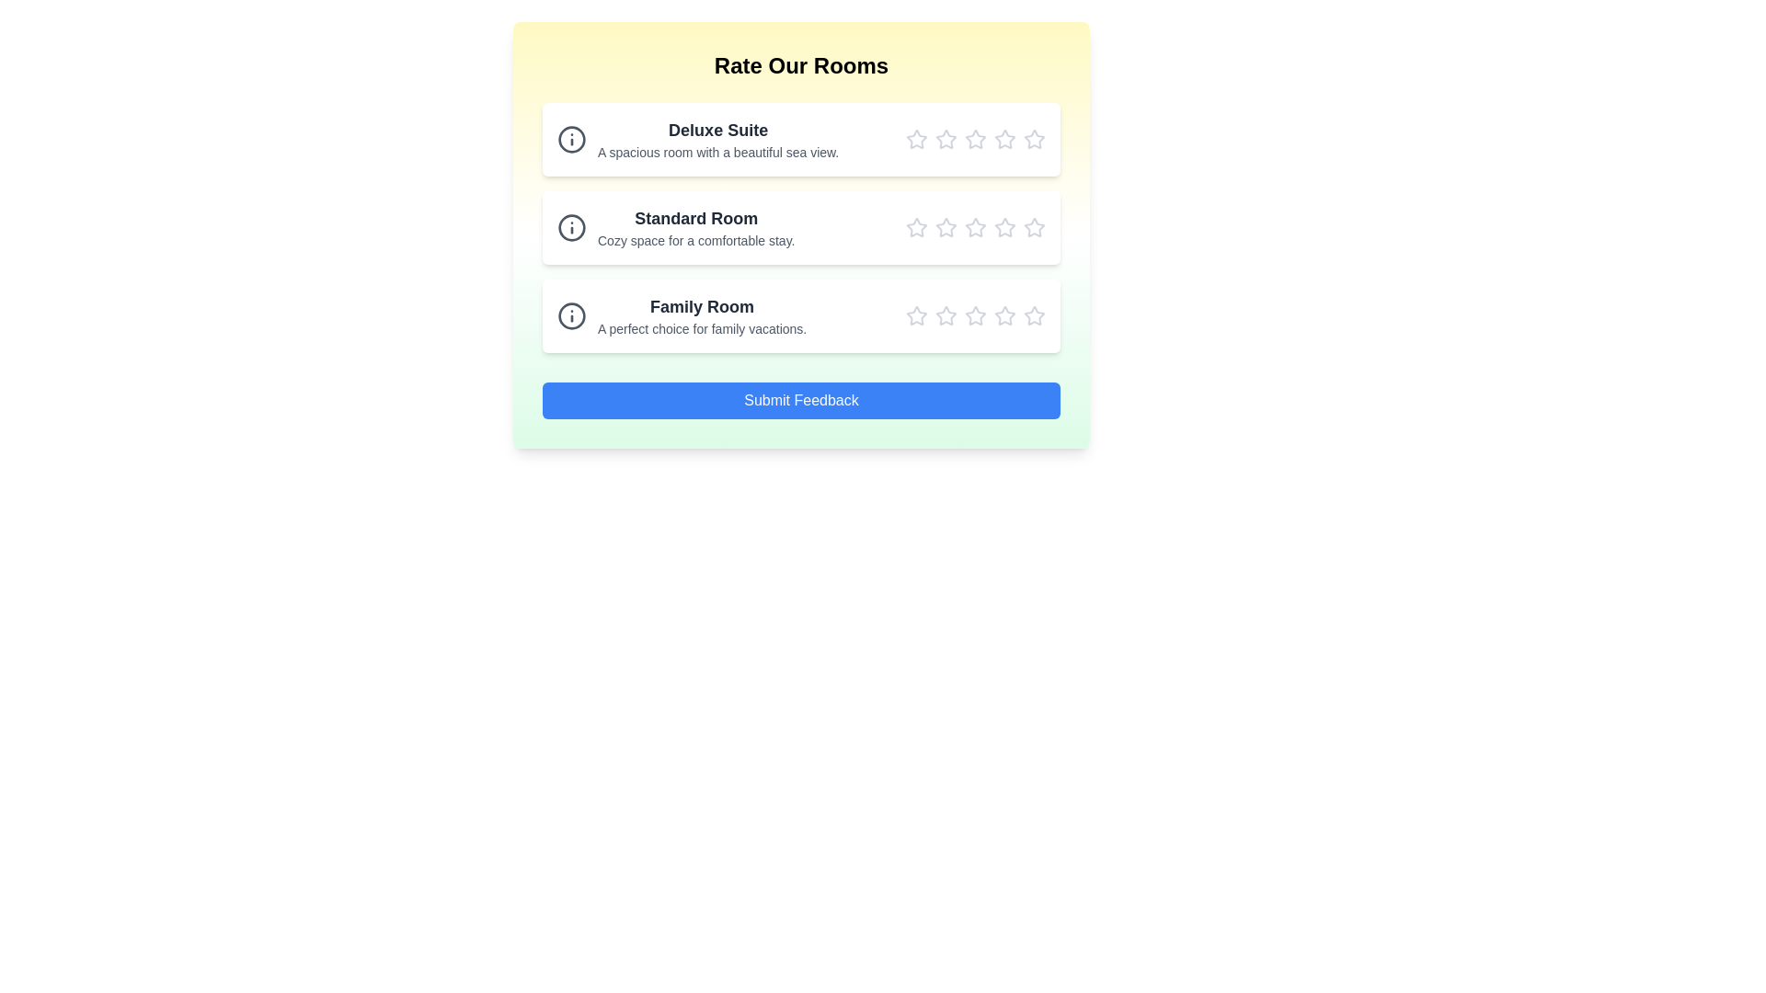 The width and height of the screenshot is (1766, 993). I want to click on the 'Submit Feedback' button to submit the feedback, so click(801, 399).